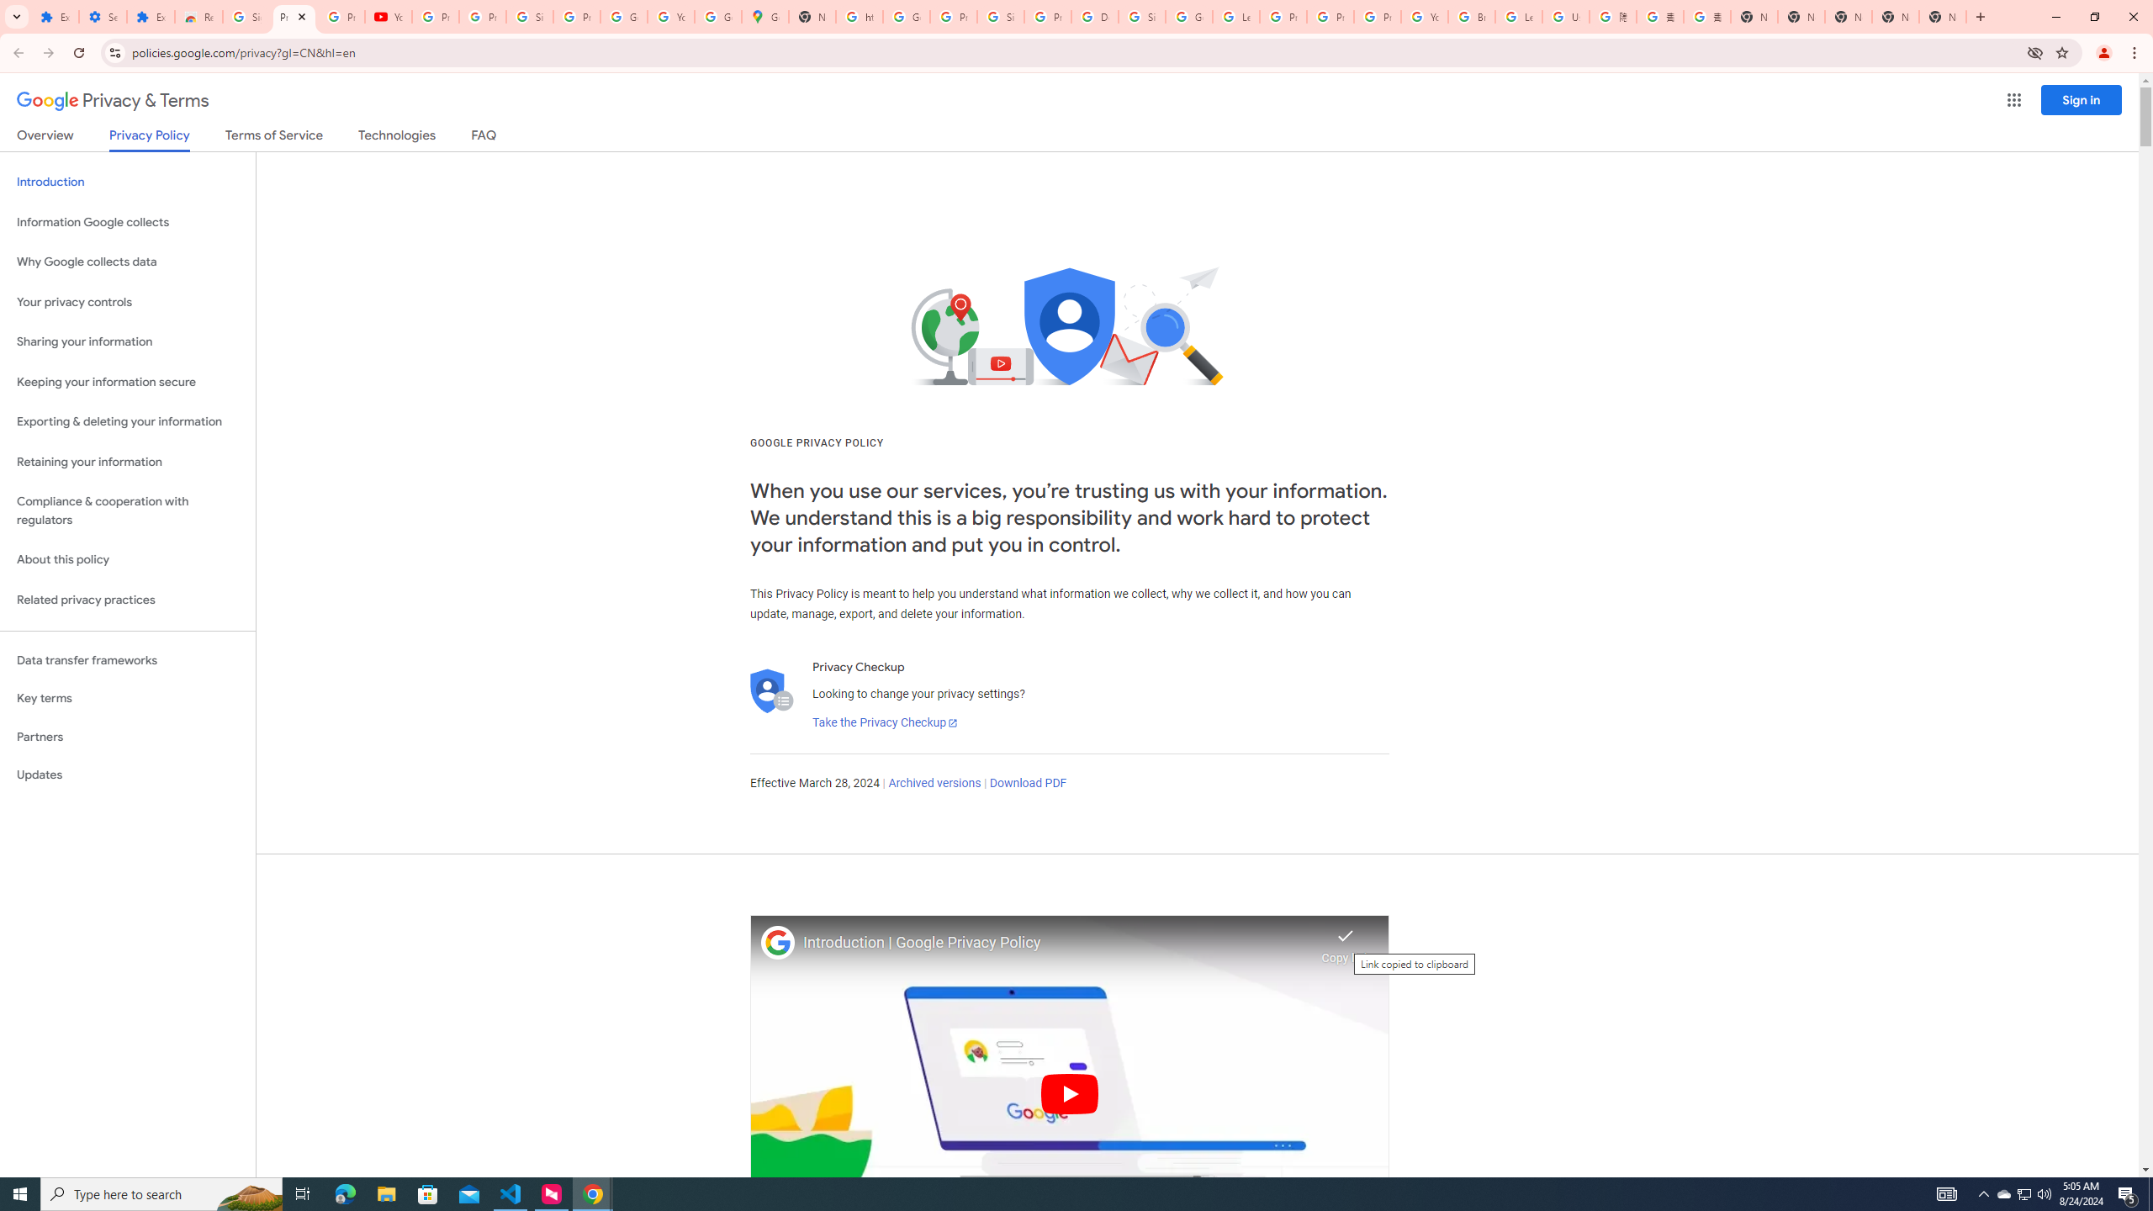  Describe the element at coordinates (127, 341) in the screenshot. I see `'Sharing your information'` at that location.